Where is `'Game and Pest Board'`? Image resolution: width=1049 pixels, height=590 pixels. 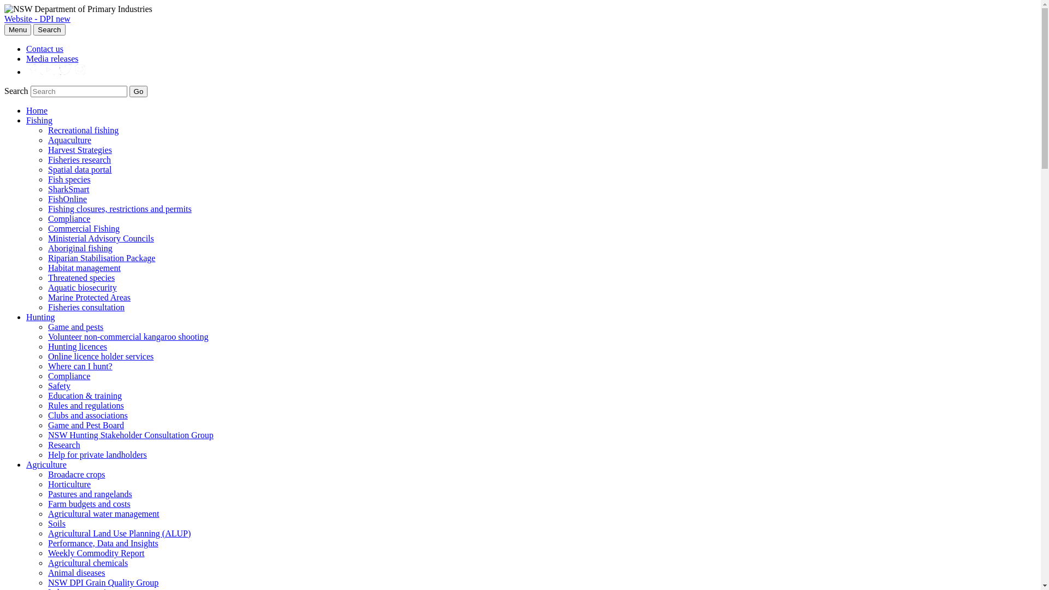
'Game and Pest Board' is located at coordinates (85, 424).